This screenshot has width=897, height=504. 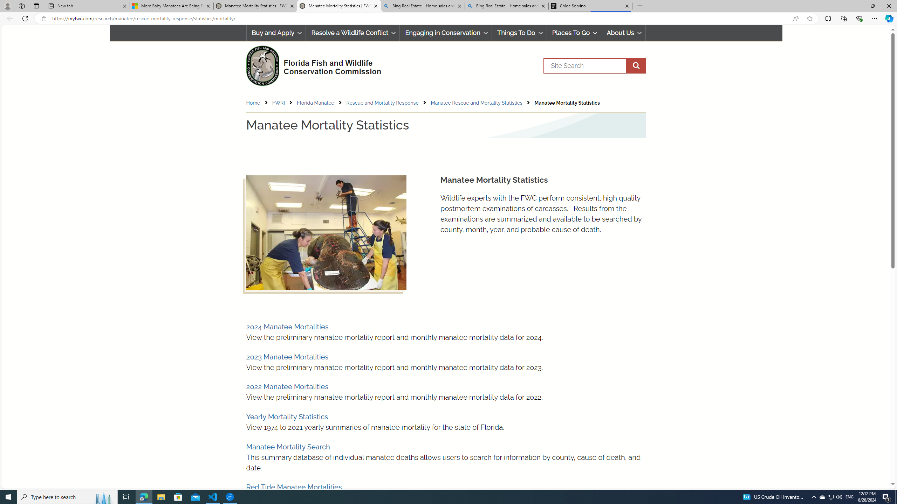 I want to click on 'Florida Manatee', so click(x=315, y=103).